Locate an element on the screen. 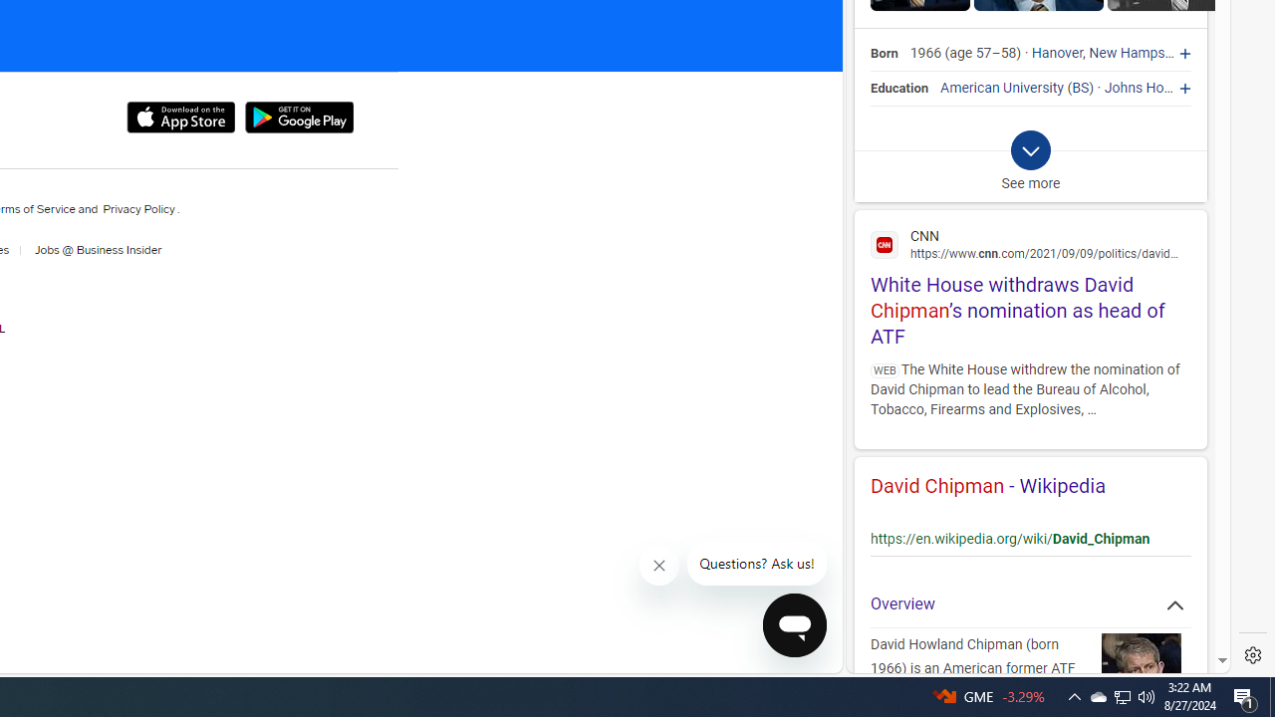 The image size is (1275, 717). 'Class: sc-1k07fow-1 cbnSms' is located at coordinates (794, 623).